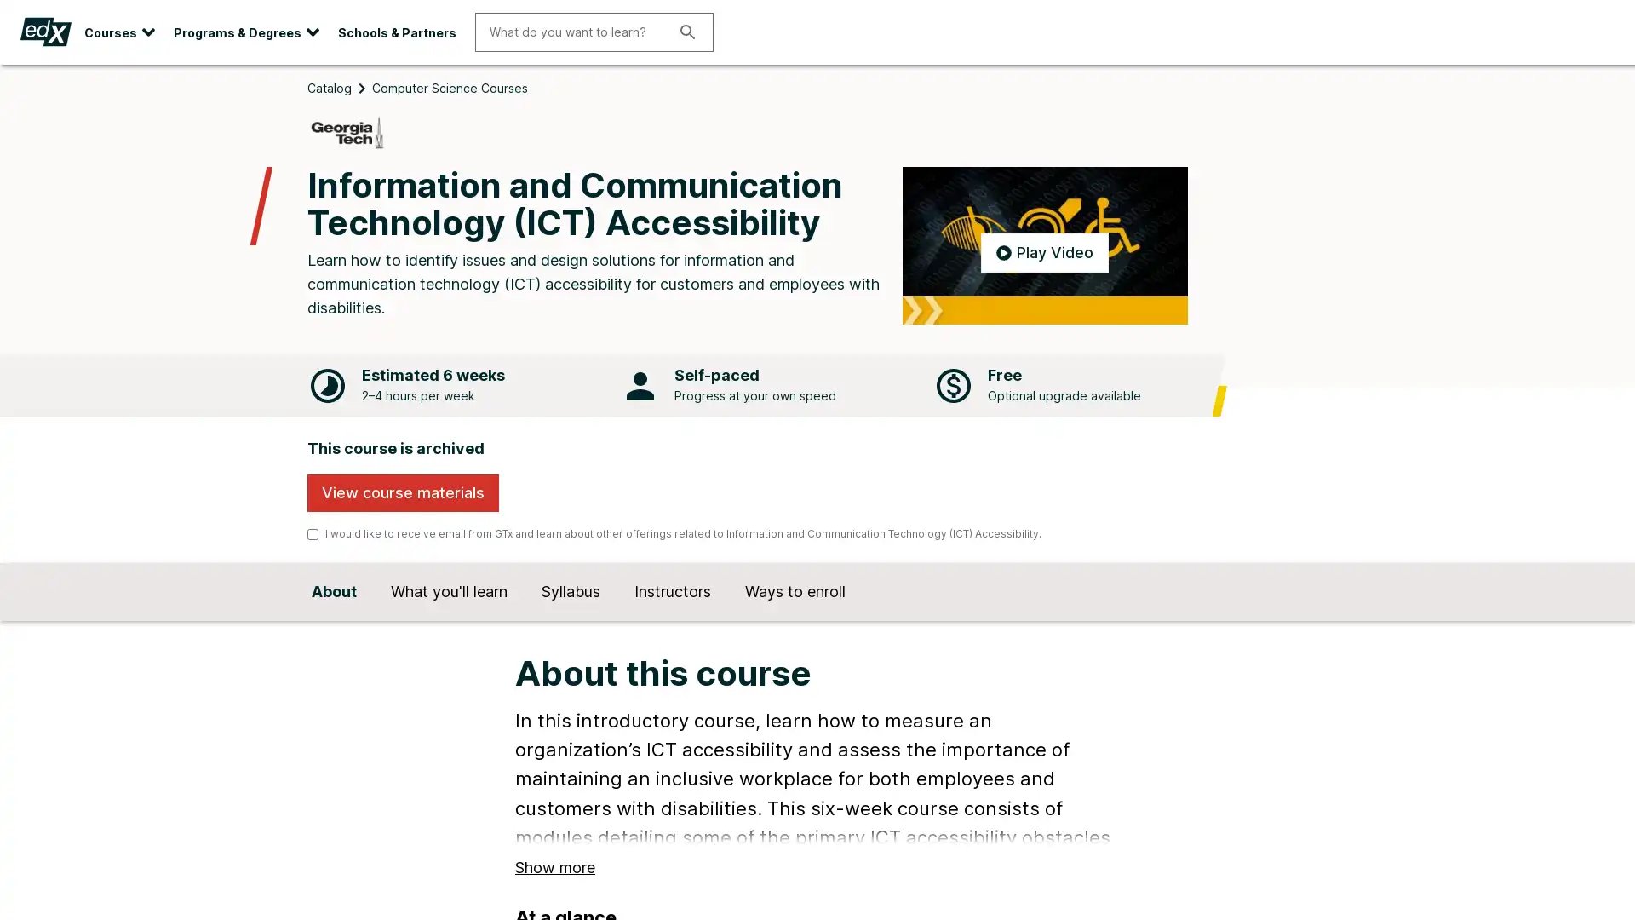  What do you see at coordinates (795, 620) in the screenshot?
I see `Ways to enroll` at bounding box center [795, 620].